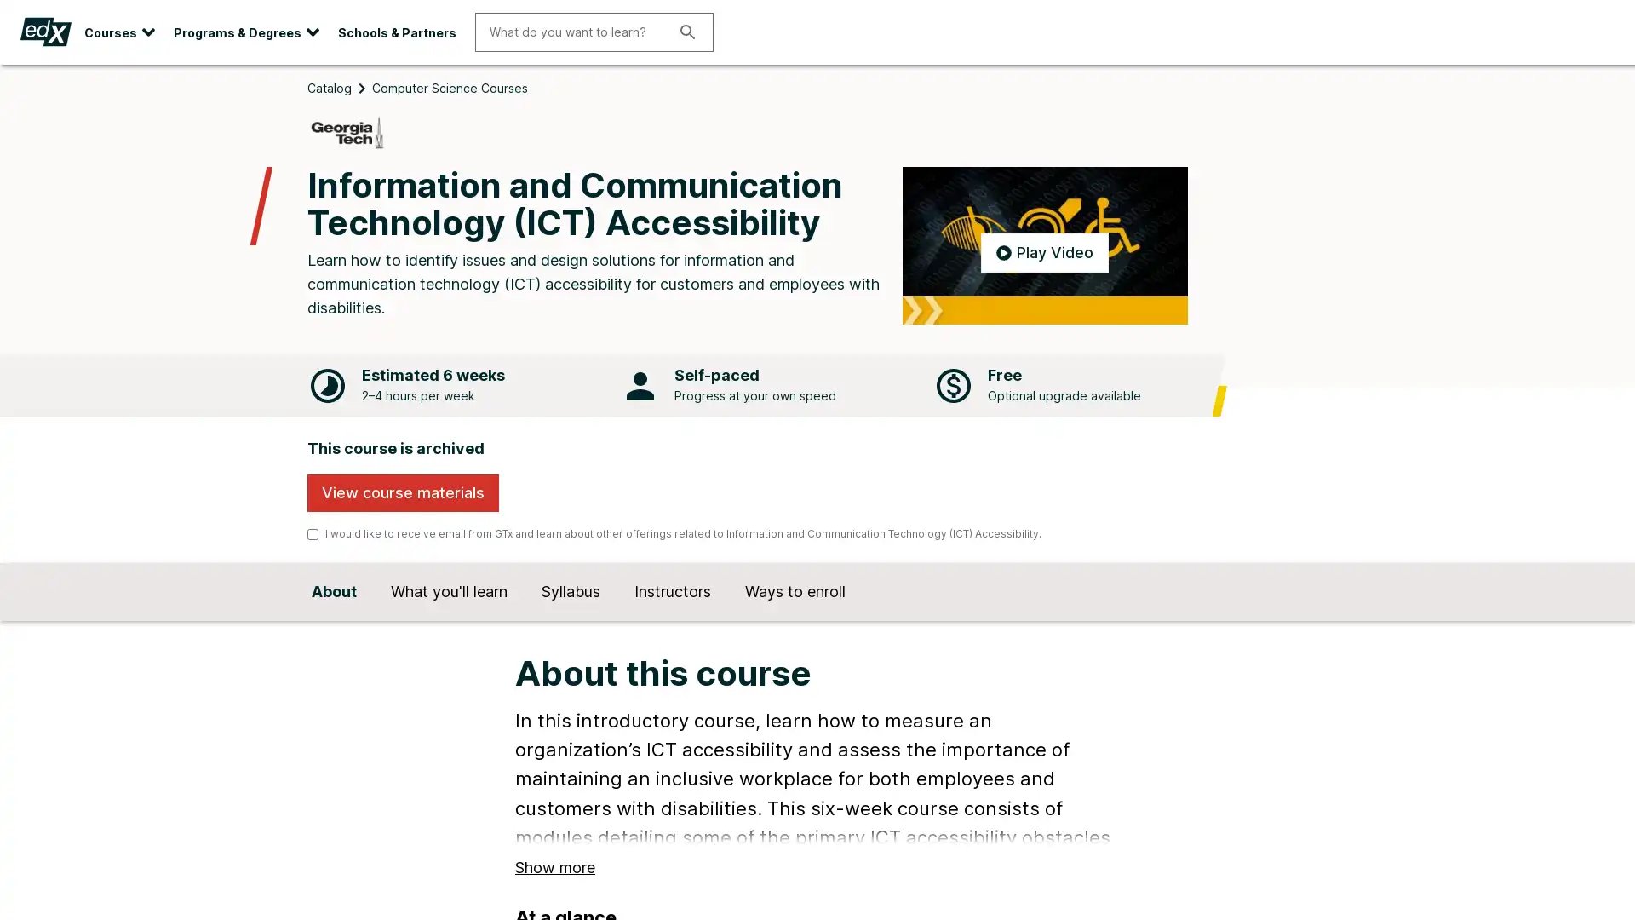  What do you see at coordinates (795, 620) in the screenshot?
I see `Ways to enroll` at bounding box center [795, 620].